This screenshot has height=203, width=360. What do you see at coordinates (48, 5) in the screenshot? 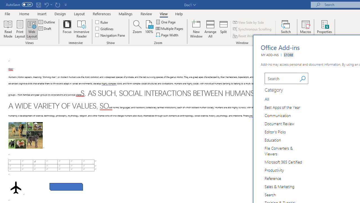
I see `'Undo Paragraph Alignment'` at bounding box center [48, 5].